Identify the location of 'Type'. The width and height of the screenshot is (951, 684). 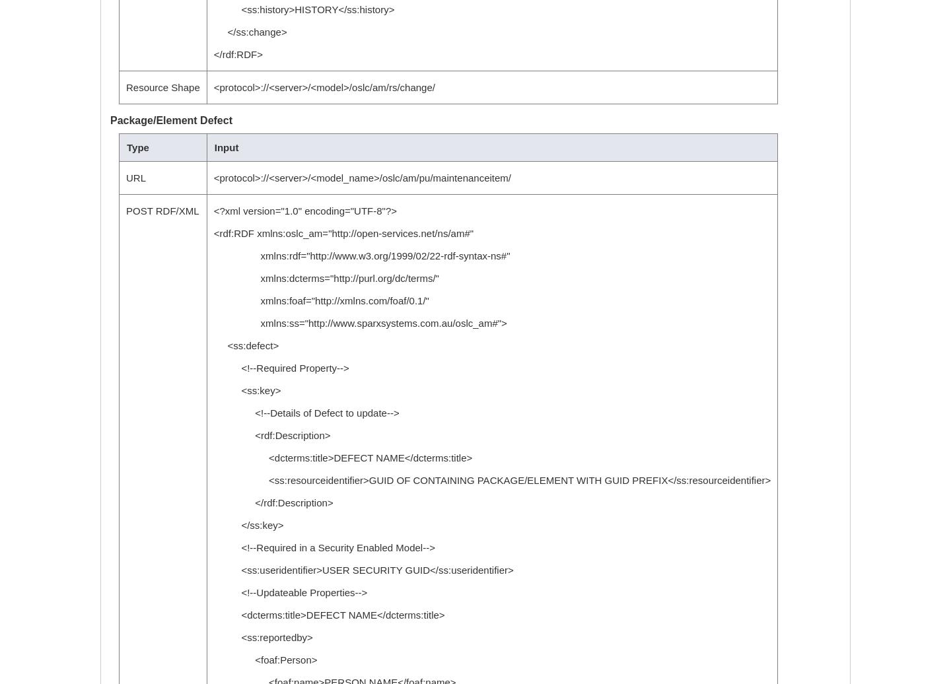
(126, 147).